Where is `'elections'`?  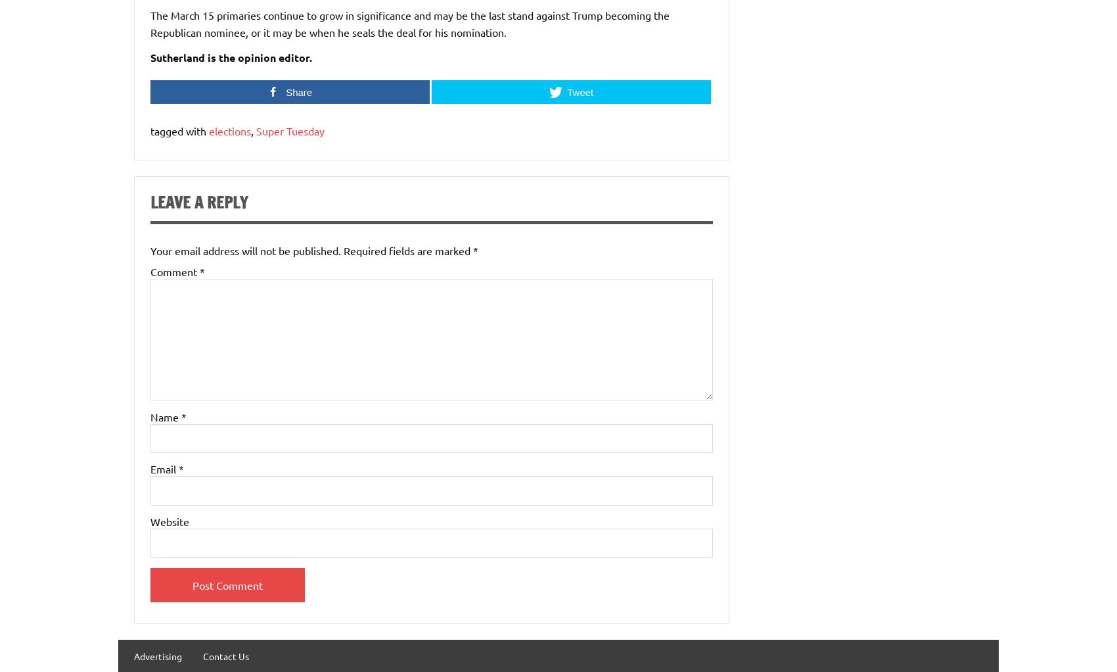
'elections' is located at coordinates (229, 130).